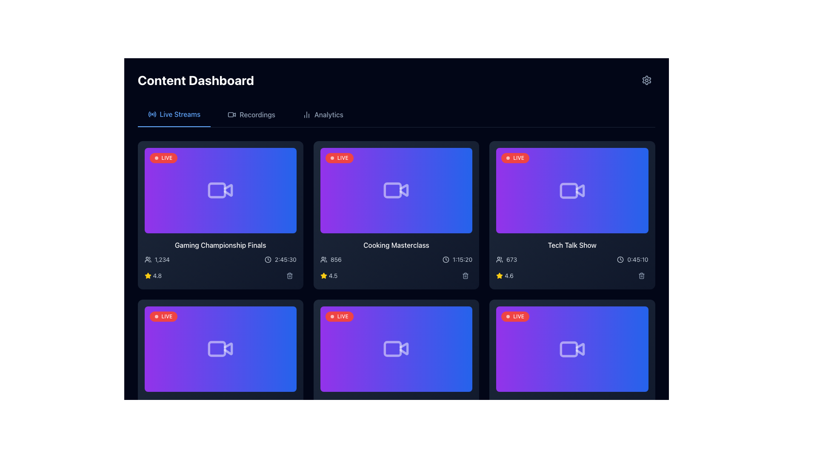 The height and width of the screenshot is (459, 817). I want to click on the video camera icon located in the center of the gradient rectangle within the 'Gaming Championship Finals' card, just below the 'LIVE' badge for potential interaction, so click(220, 190).